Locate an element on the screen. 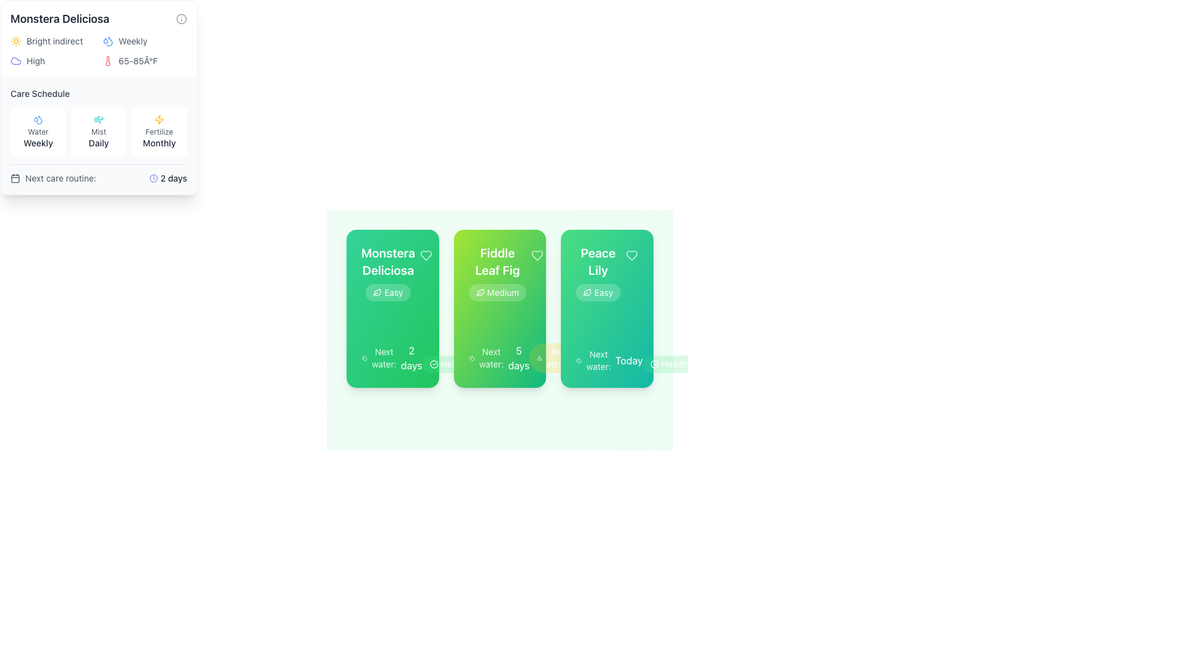  text content that provides information about the next watering schedule for the associated plant, which is located at the center of the bottom section of the middle card among three visible cards is located at coordinates (500, 358).